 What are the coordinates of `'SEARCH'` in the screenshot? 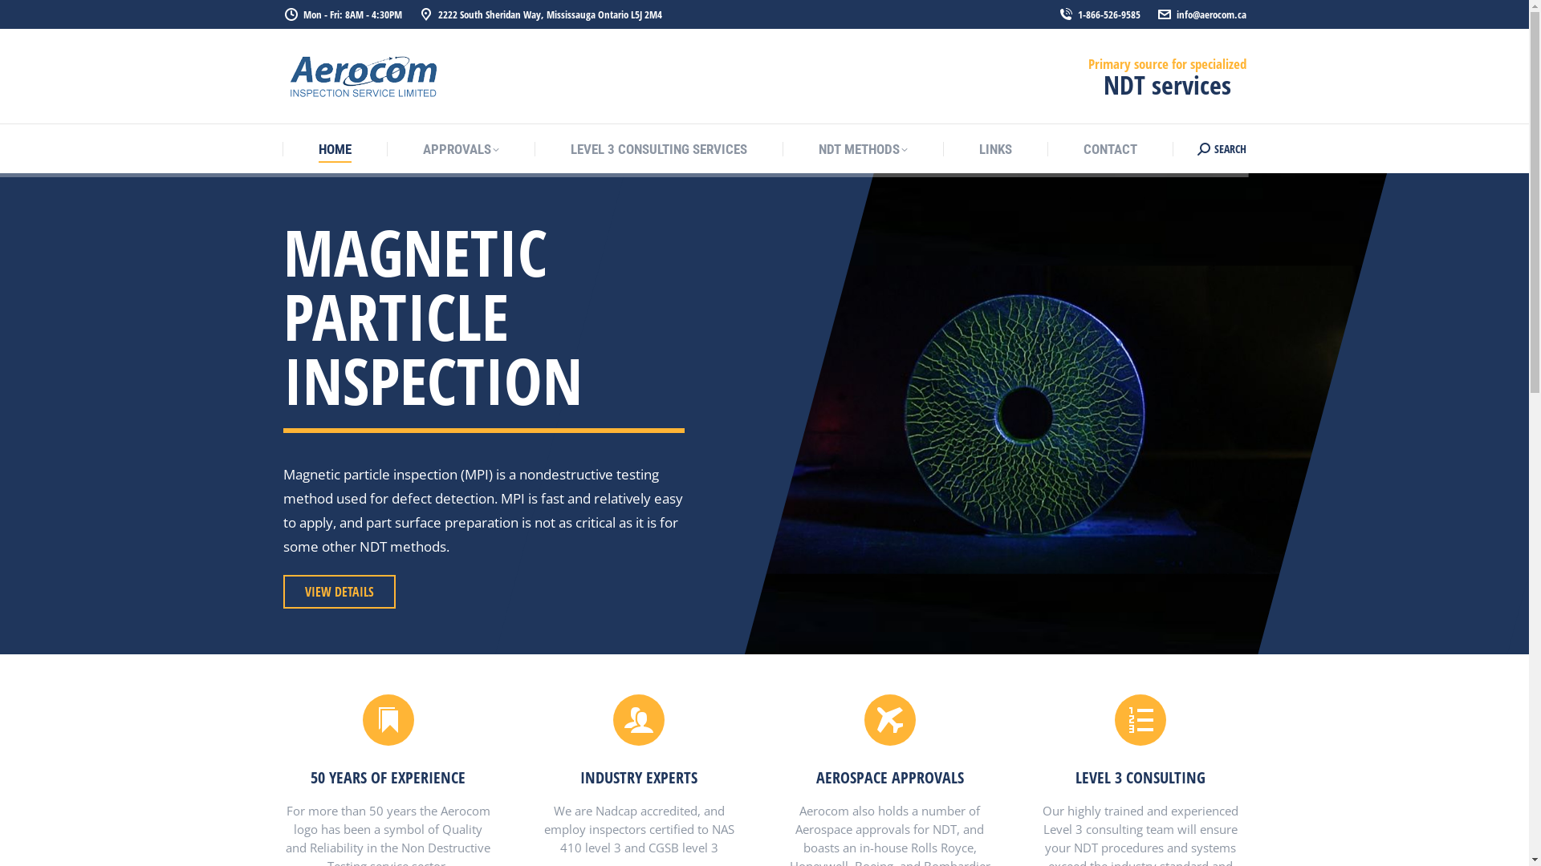 It's located at (1221, 148).